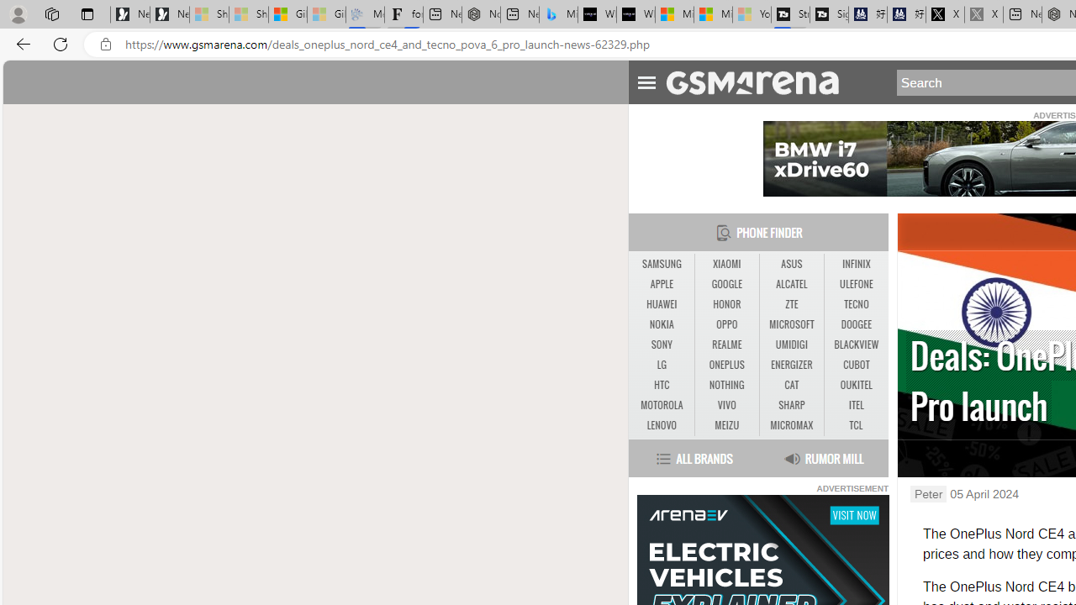 This screenshot has width=1076, height=605. I want to click on 'MICROSOFT', so click(791, 325).